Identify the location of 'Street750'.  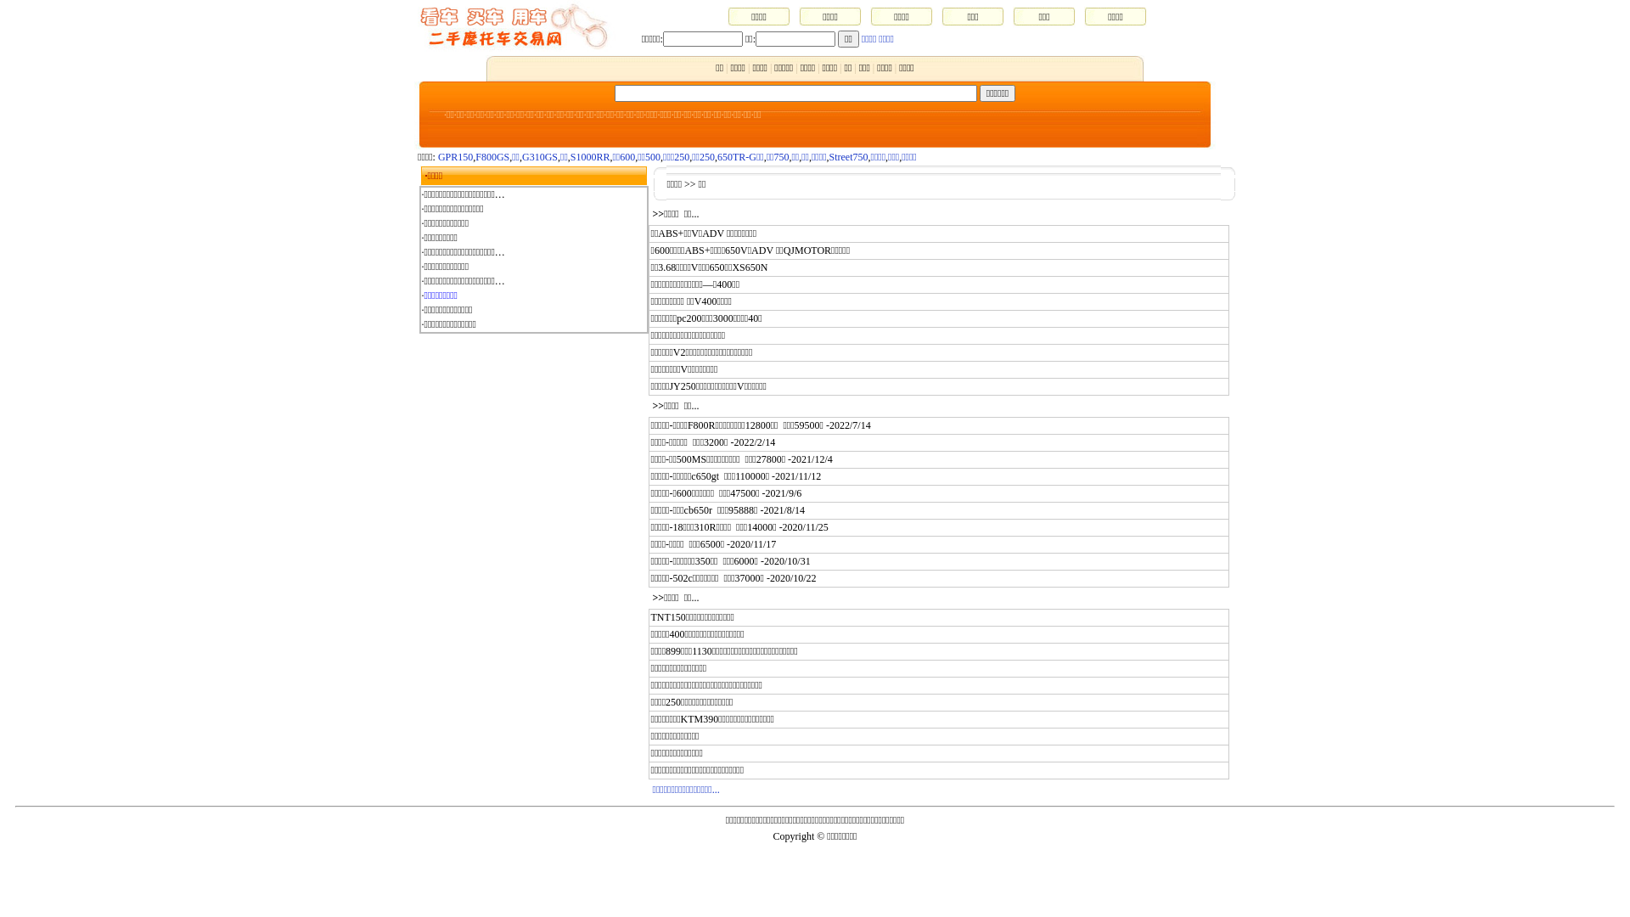
(829, 157).